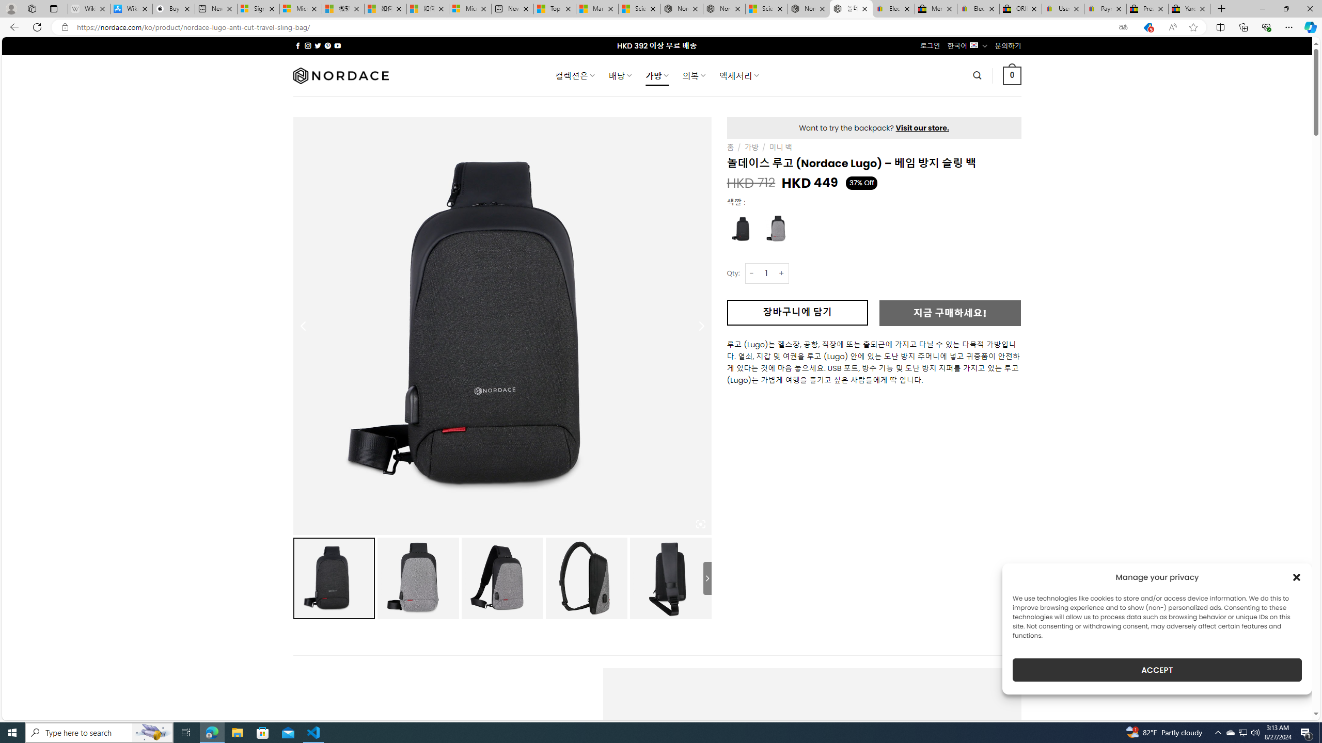  I want to click on 'Follow on Instagram', so click(307, 45).